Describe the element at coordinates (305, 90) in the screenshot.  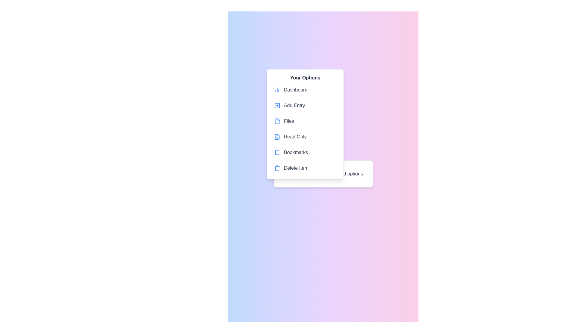
I see `the menu item labeled 'Dashboard' in the context menu` at that location.